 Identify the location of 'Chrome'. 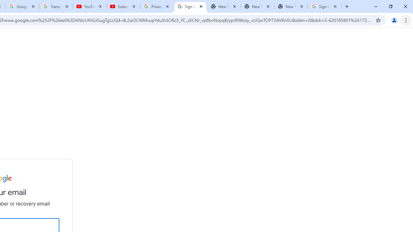
(406, 20).